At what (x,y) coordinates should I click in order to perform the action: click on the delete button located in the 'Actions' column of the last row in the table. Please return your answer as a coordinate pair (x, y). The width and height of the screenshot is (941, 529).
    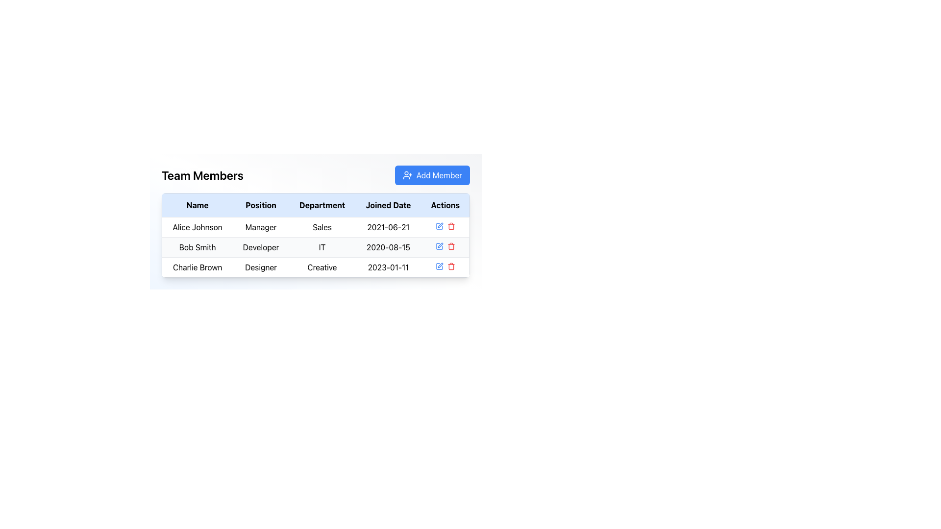
    Looking at the image, I should click on (450, 266).